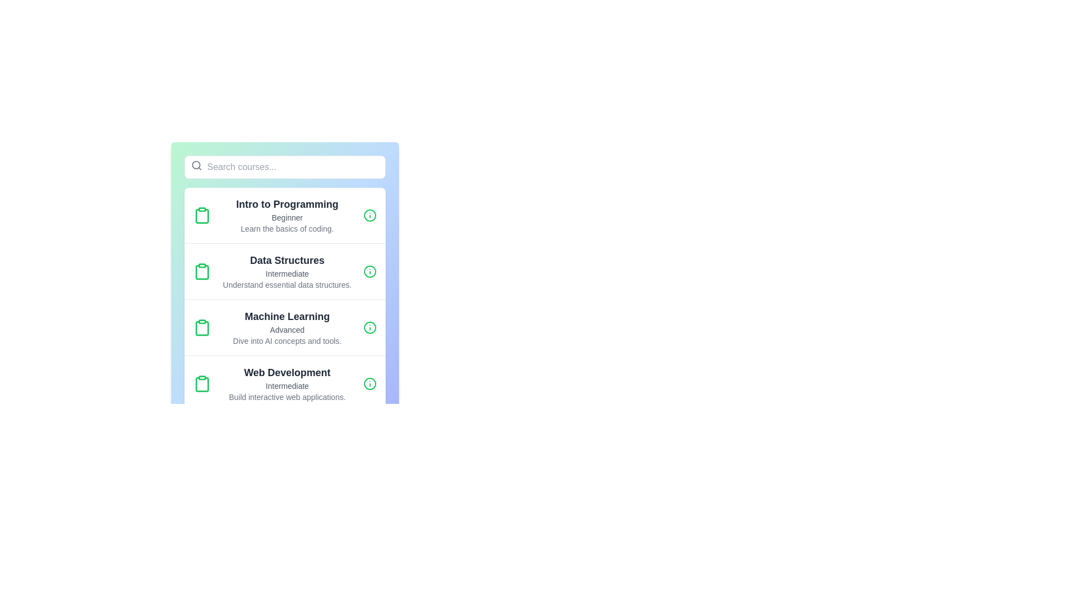 The width and height of the screenshot is (1067, 600). Describe the element at coordinates (287, 373) in the screenshot. I see `the text label containing 'Web Development', styled in bold and dark gray, which is the fourth list item in the course titles list` at that location.